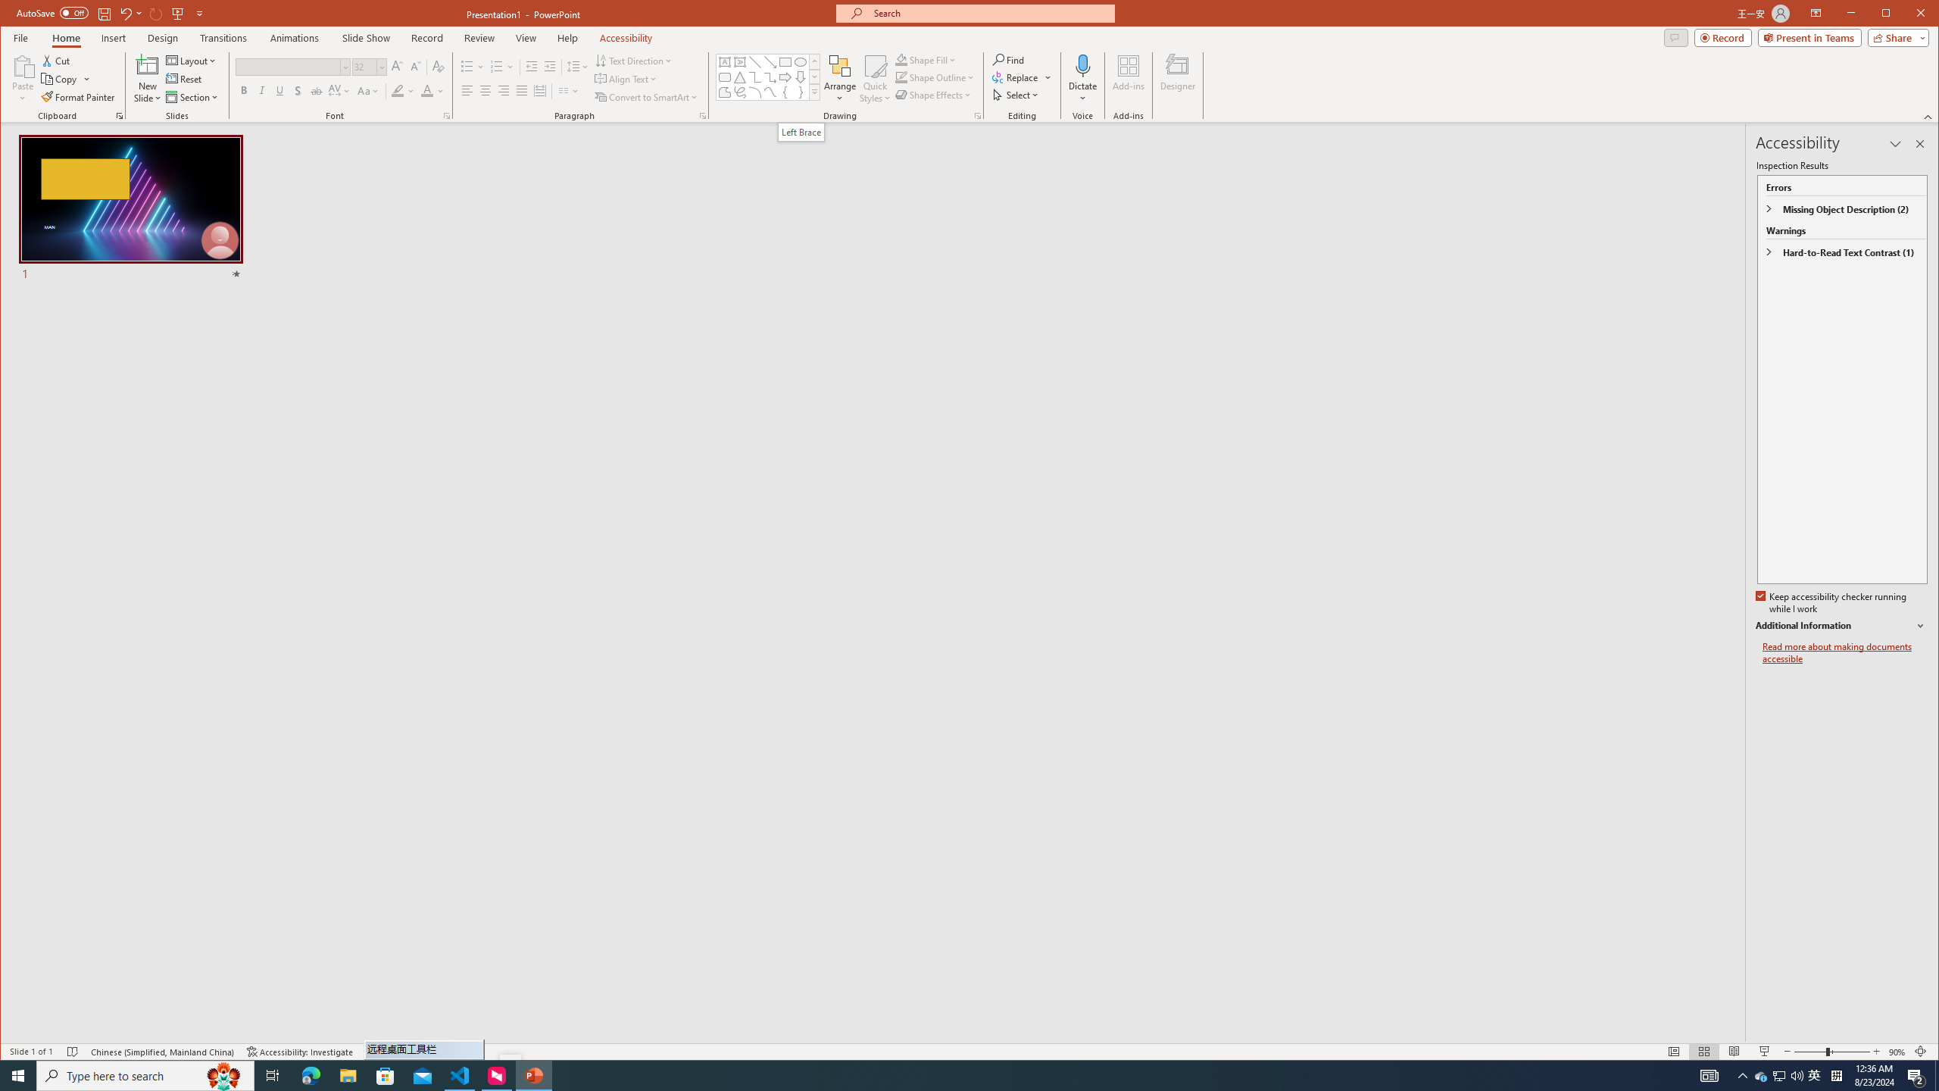 Image resolution: width=1939 pixels, height=1091 pixels. Describe the element at coordinates (1896, 1051) in the screenshot. I see `'Zoom 90%'` at that location.